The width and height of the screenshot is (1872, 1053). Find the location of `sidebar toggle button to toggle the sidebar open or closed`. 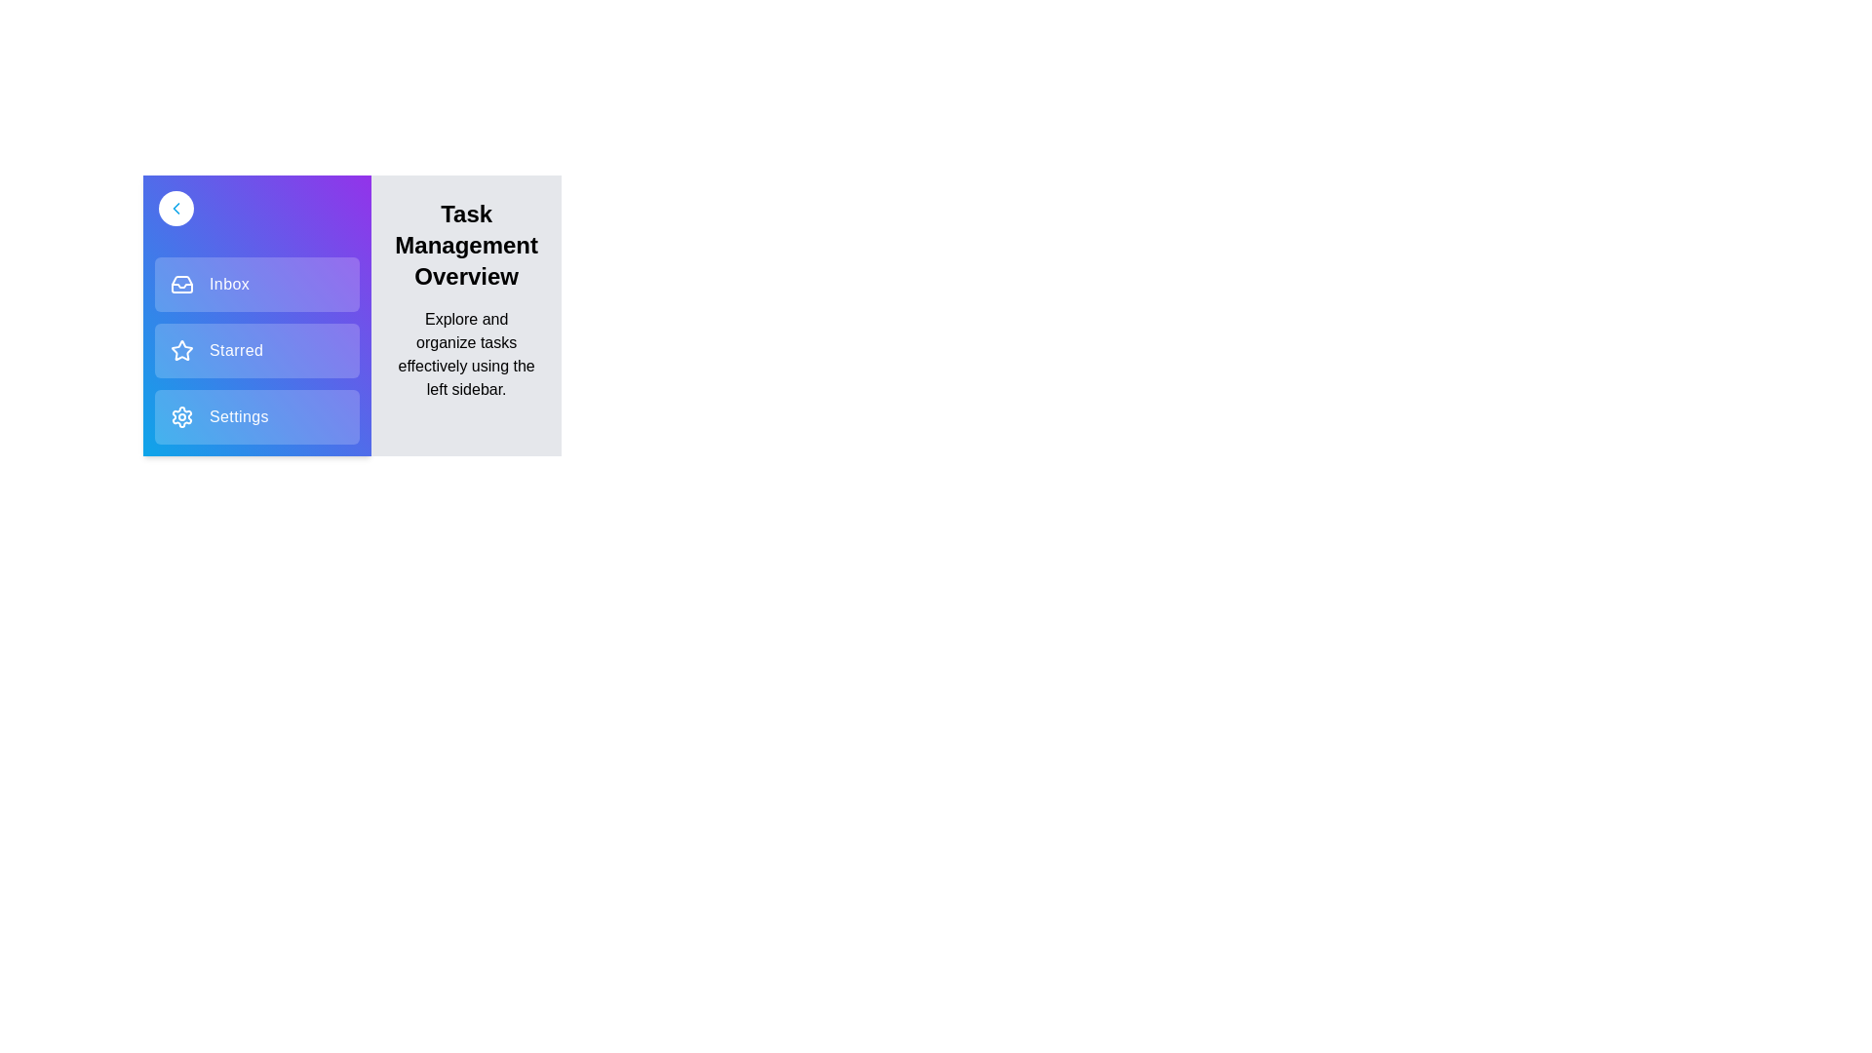

sidebar toggle button to toggle the sidebar open or closed is located at coordinates (176, 208).